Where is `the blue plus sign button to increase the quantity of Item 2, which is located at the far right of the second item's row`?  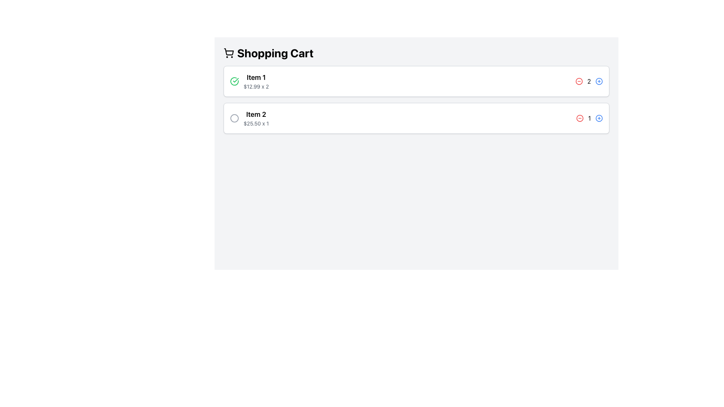
the blue plus sign button to increase the quantity of Item 2, which is located at the far right of the second item's row is located at coordinates (598, 118).